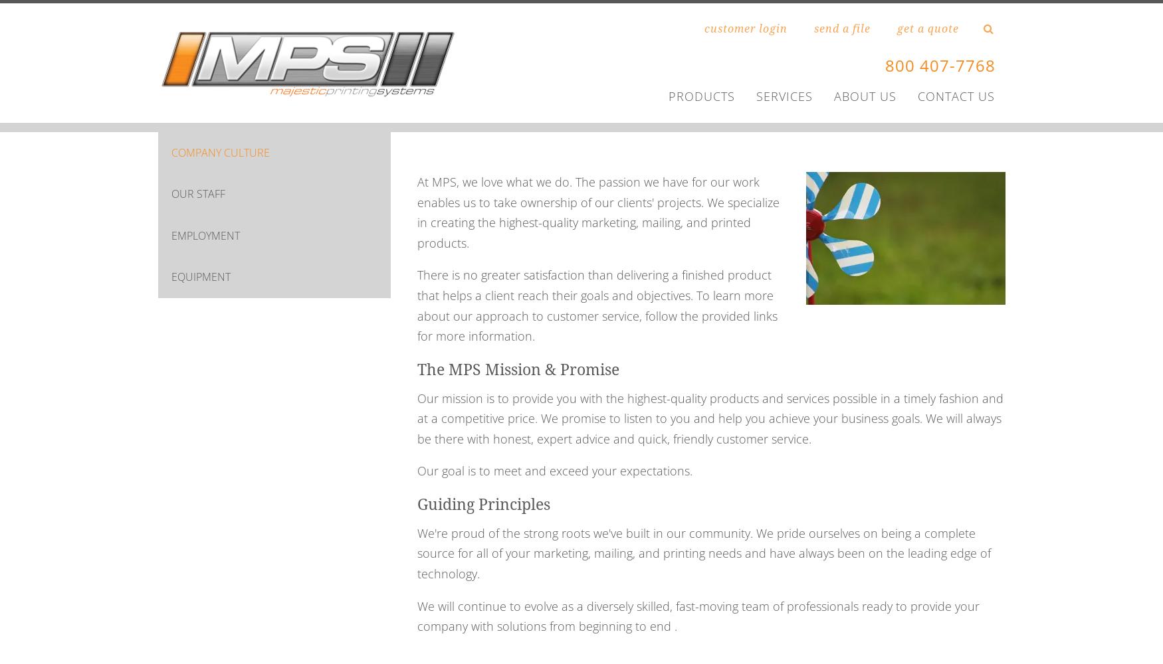  Describe the element at coordinates (939, 64) in the screenshot. I see `'800 407-7768'` at that location.